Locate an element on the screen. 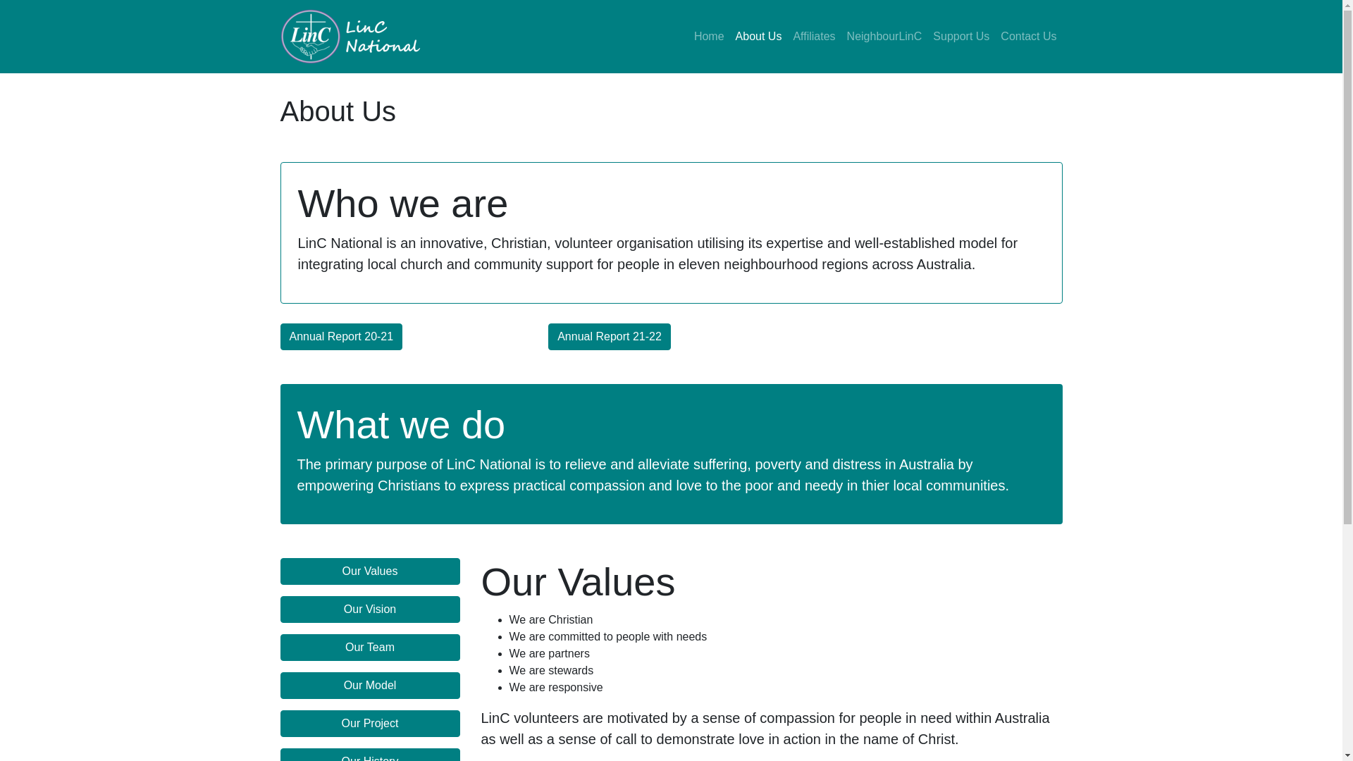 Image resolution: width=1353 pixels, height=761 pixels. 'Affiliates' is located at coordinates (786, 35).